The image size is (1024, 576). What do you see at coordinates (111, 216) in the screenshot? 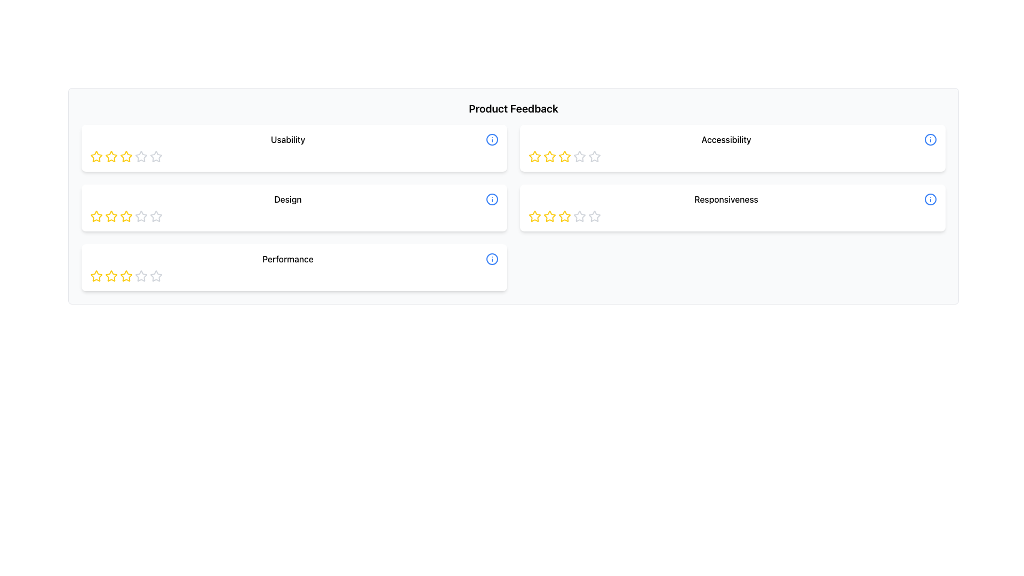
I see `the third star icon representing the 'Design' rating to adjust the rating to three stars` at bounding box center [111, 216].